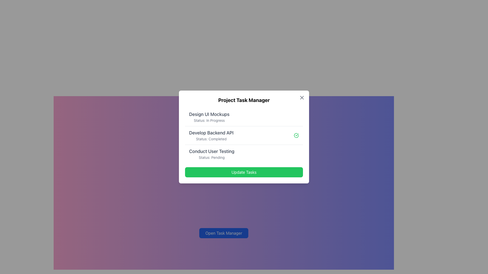 The image size is (488, 274). Describe the element at coordinates (296, 135) in the screenshot. I see `the circular green check icon indicating a completed task, located to the far right of the 'Develop Backend API' task's entry` at that location.